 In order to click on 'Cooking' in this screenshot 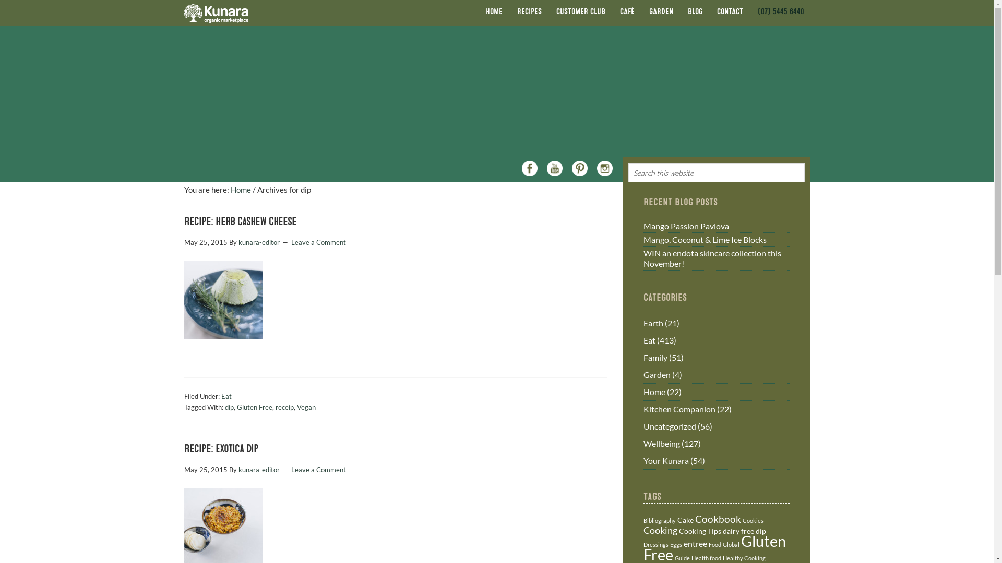, I will do `click(659, 530)`.